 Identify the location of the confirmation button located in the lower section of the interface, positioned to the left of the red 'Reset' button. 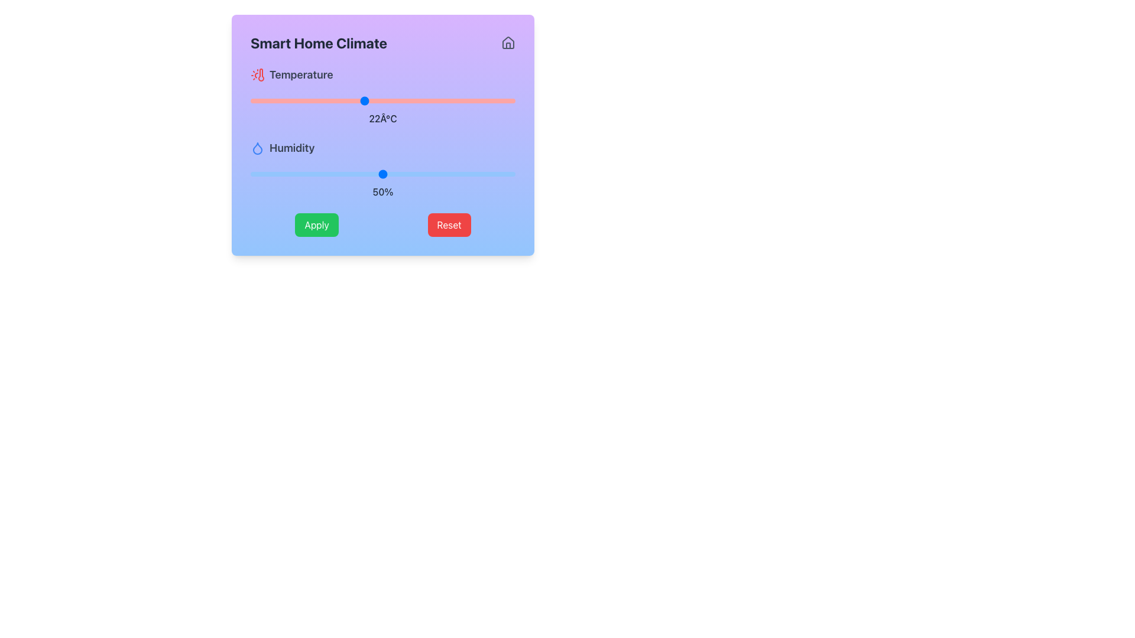
(317, 225).